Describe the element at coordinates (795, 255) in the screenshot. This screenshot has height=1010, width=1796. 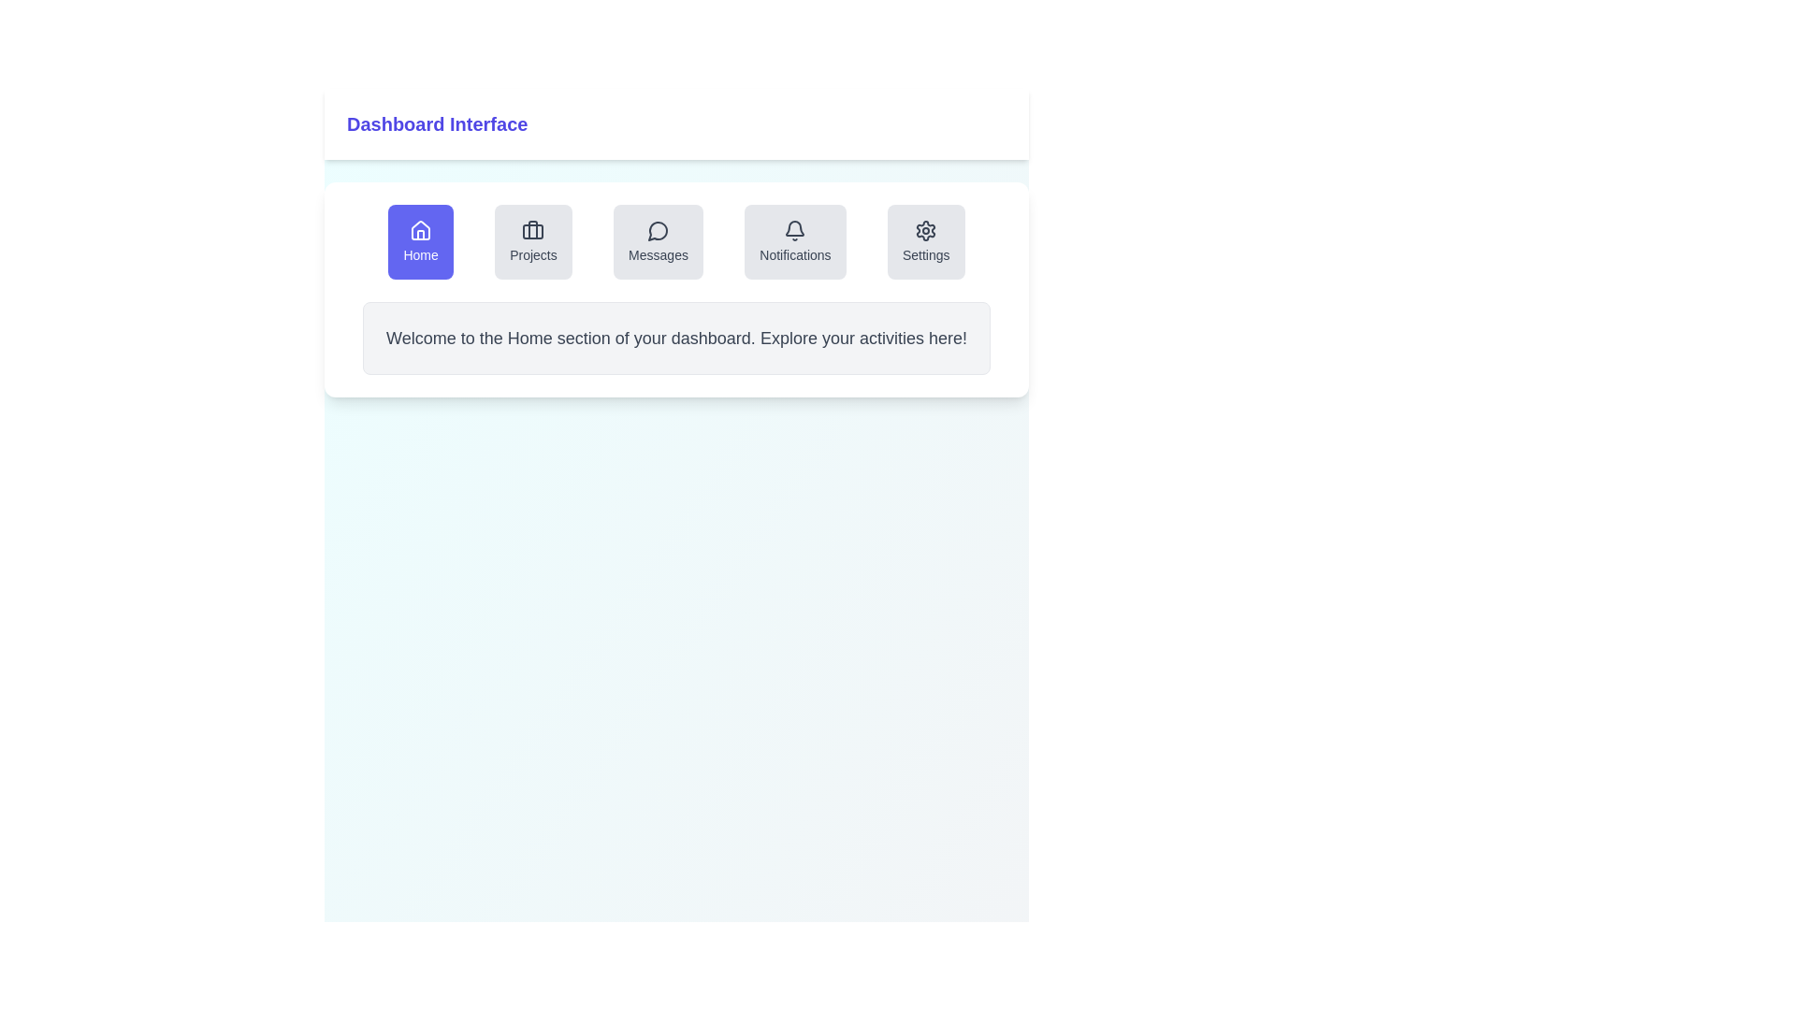
I see `text of the 'Notifications' text label located directly below the associated bell icon in the navigation options` at that location.